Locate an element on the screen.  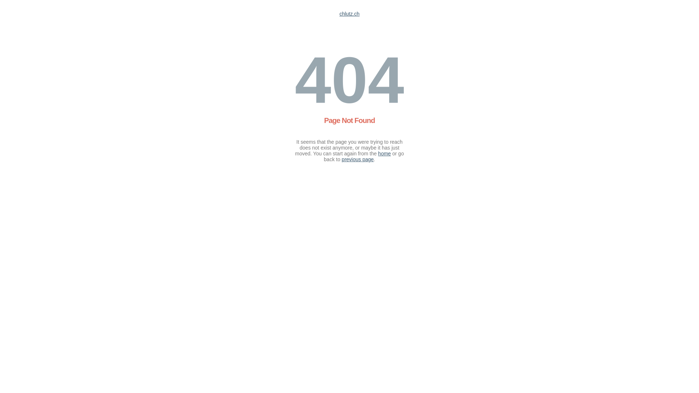
'previous page' is located at coordinates (358, 159).